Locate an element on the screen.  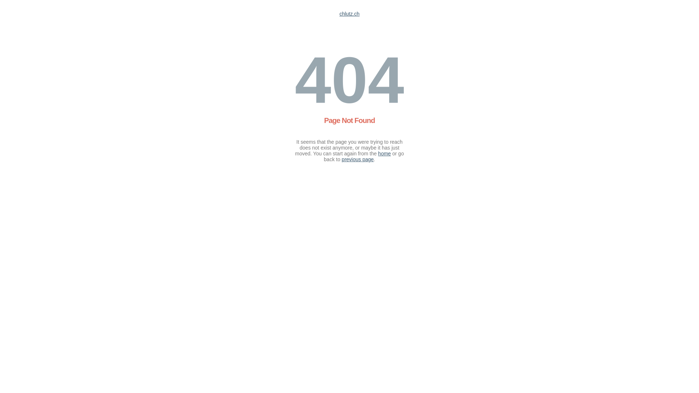
'previous page' is located at coordinates (358, 159).